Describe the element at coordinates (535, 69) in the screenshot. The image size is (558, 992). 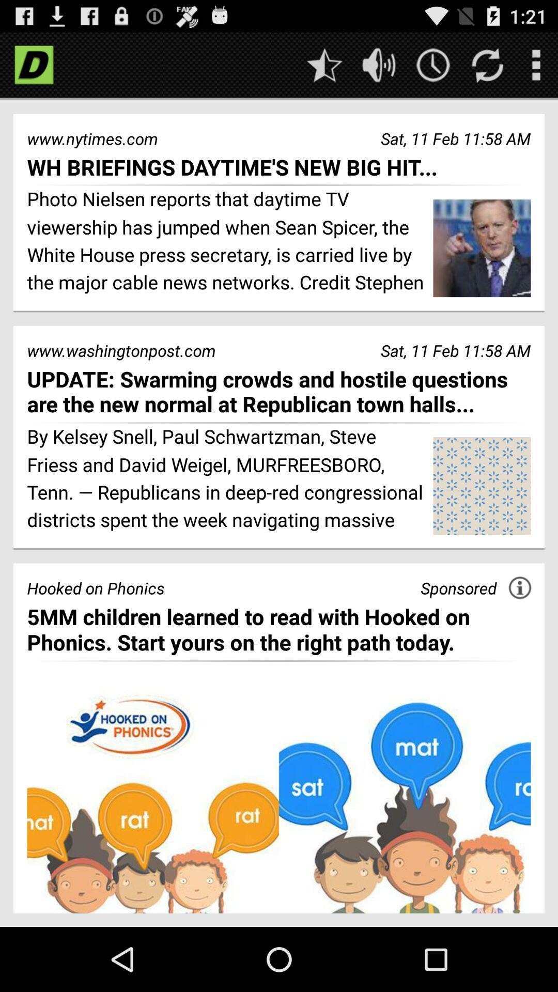
I see `the more icon` at that location.